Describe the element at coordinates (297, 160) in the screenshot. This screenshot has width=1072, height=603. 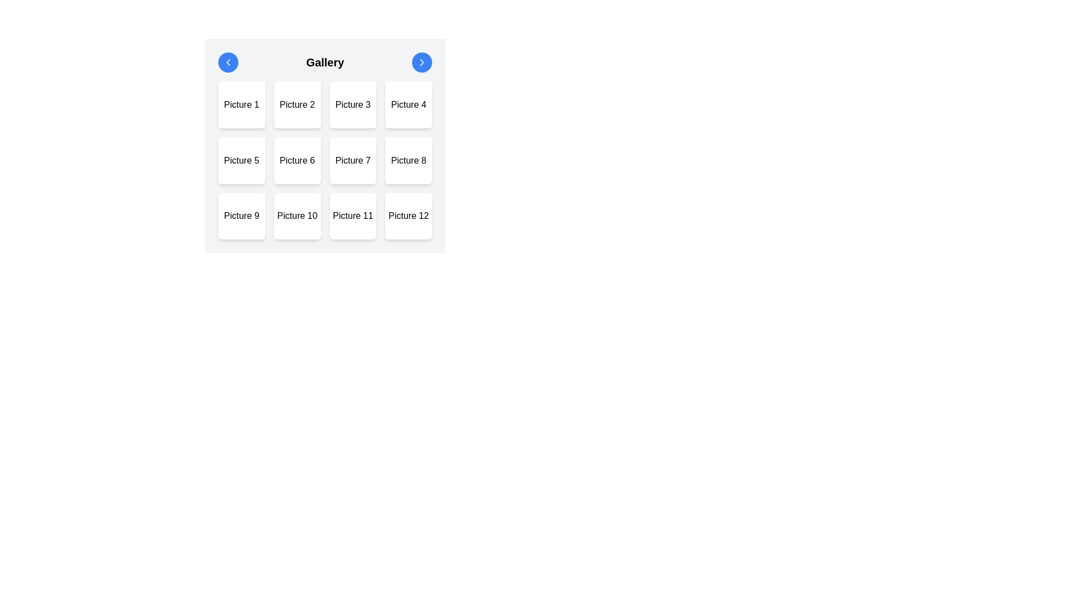
I see `the button representing 'Picture 6' in the grid` at that location.